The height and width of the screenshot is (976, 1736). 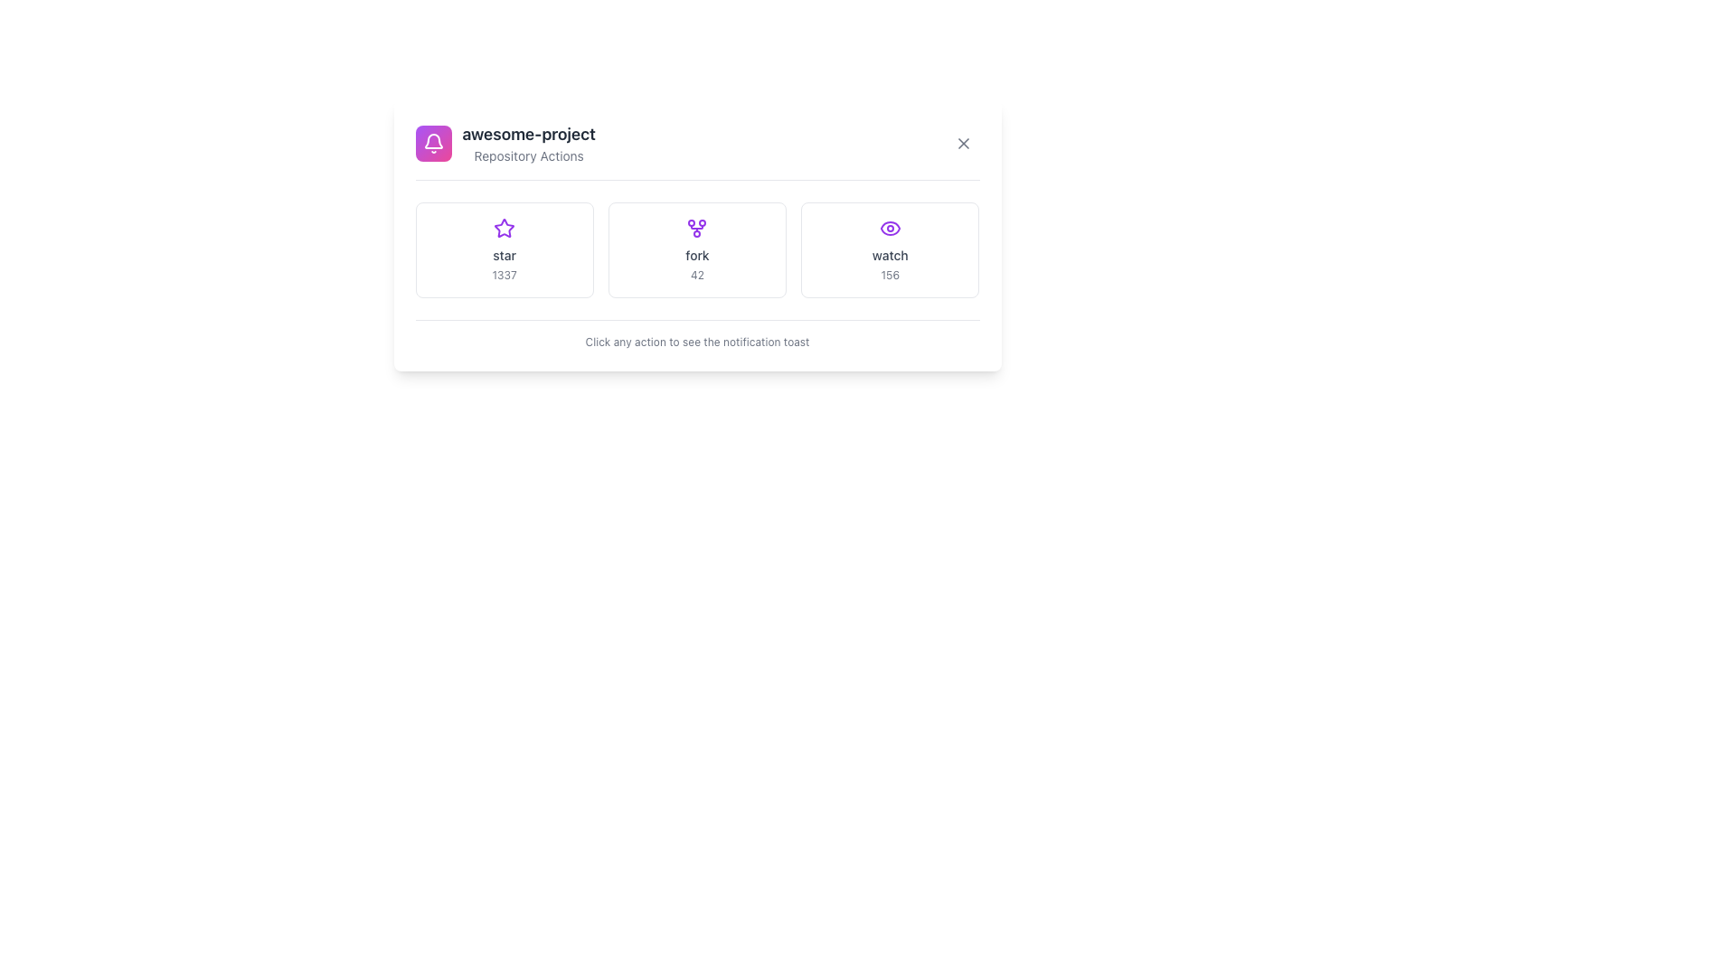 I want to click on text label that says 'fork', which is displayed in medium gray color below a forking diagram icon, so click(x=696, y=255).